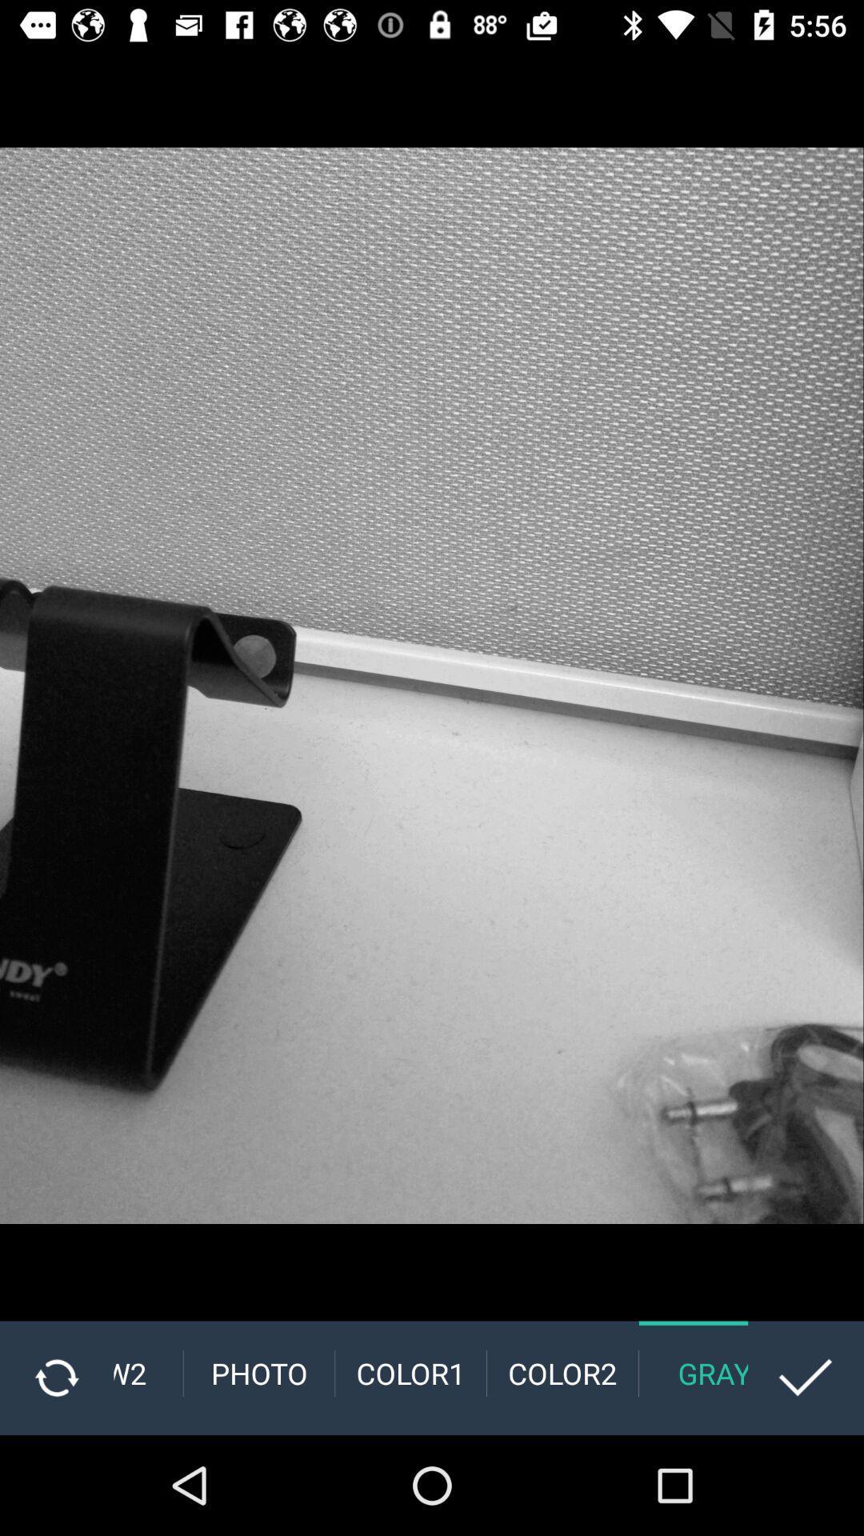  What do you see at coordinates (410, 1373) in the screenshot?
I see `color1 icon` at bounding box center [410, 1373].